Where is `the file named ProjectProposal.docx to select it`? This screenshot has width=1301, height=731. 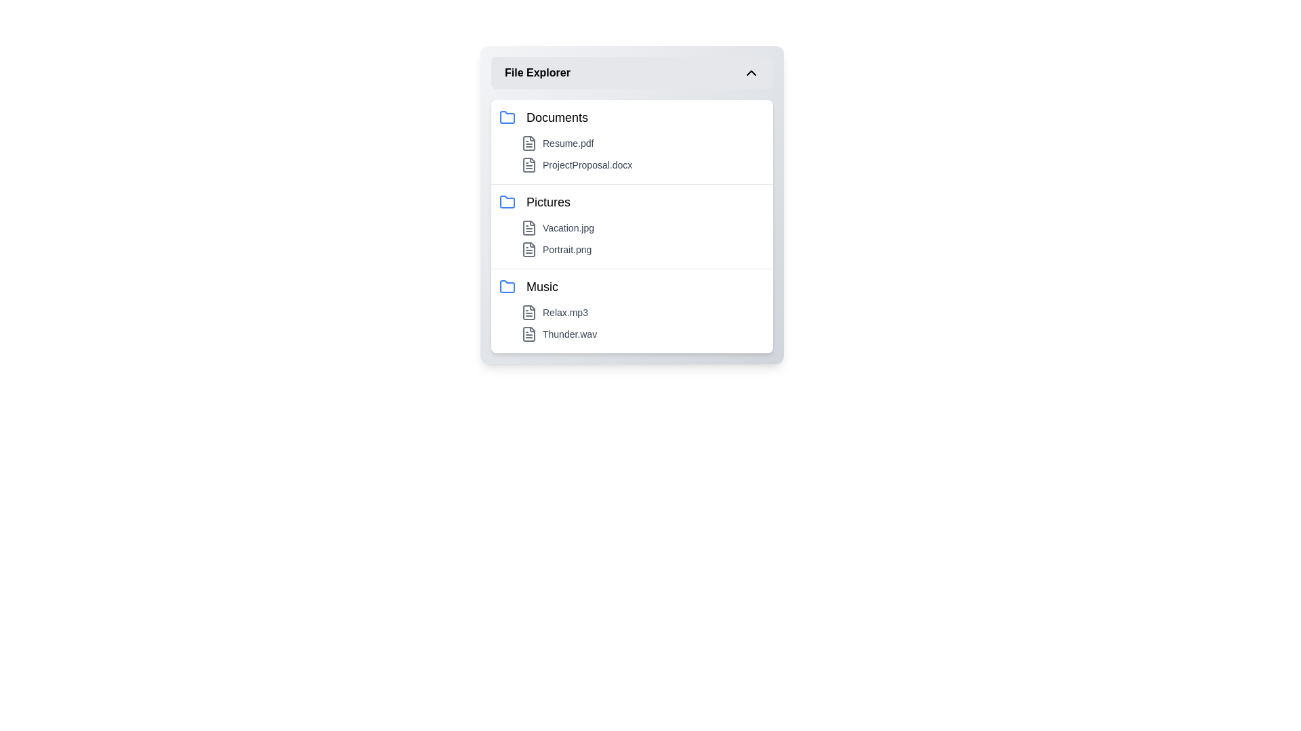
the file named ProjectProposal.docx to select it is located at coordinates (642, 164).